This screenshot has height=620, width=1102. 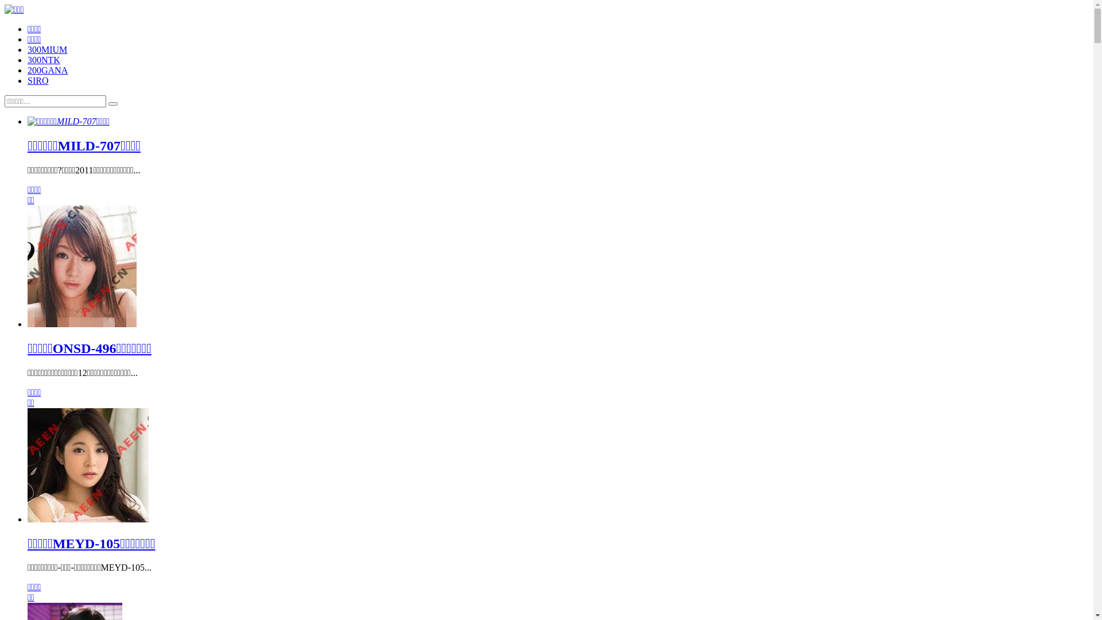 I want to click on '200GANA', so click(x=46, y=70).